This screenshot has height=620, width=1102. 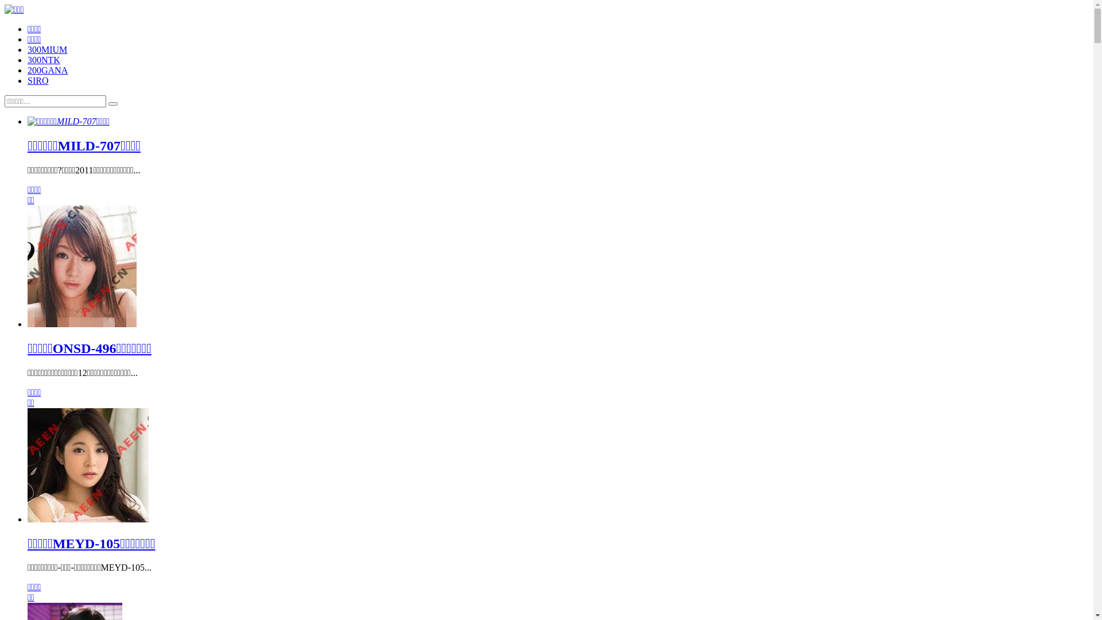 I want to click on '200GANA', so click(x=46, y=70).